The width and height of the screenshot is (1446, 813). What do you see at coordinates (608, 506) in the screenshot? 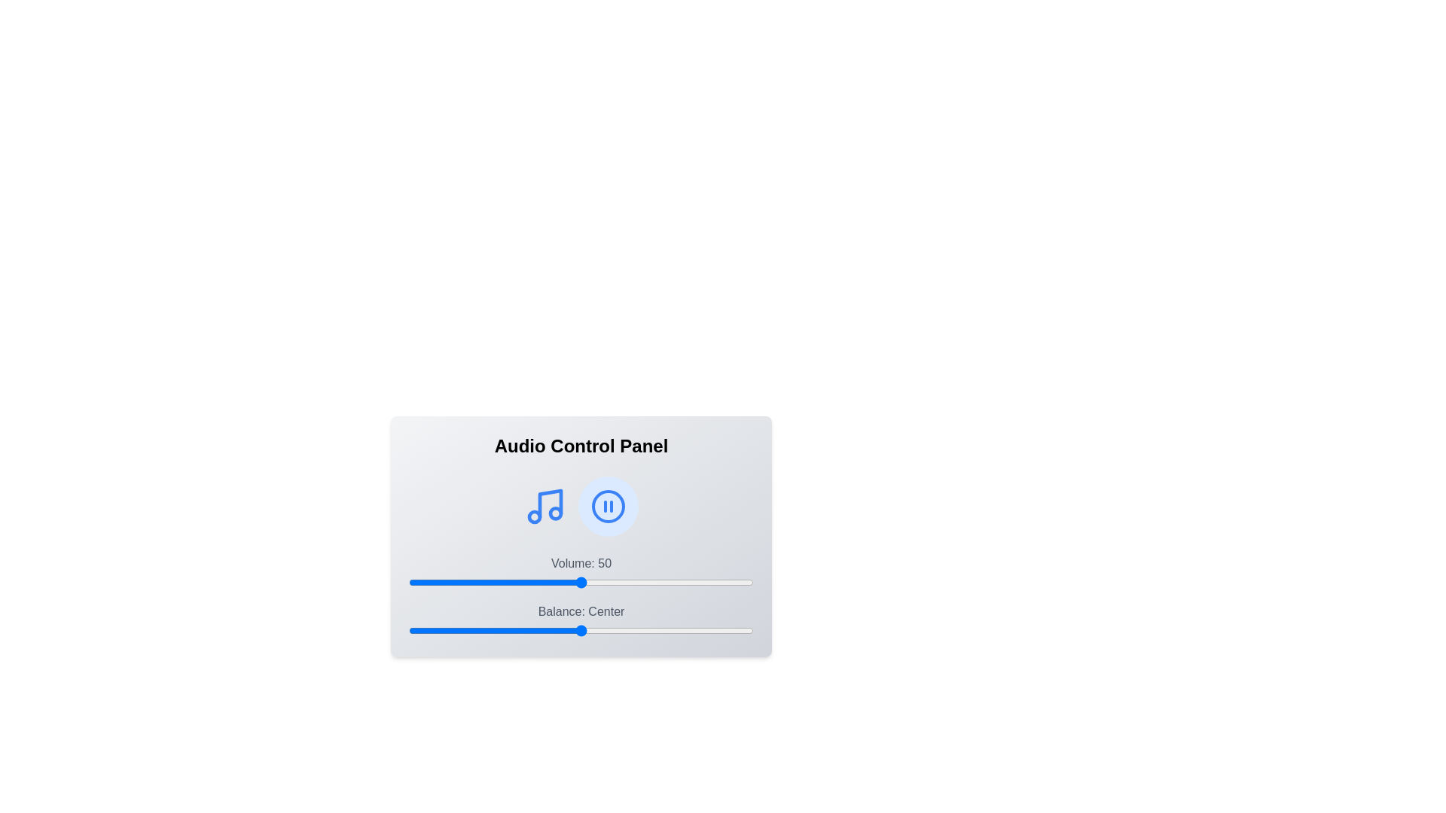
I see `the circular blue icon button` at bounding box center [608, 506].